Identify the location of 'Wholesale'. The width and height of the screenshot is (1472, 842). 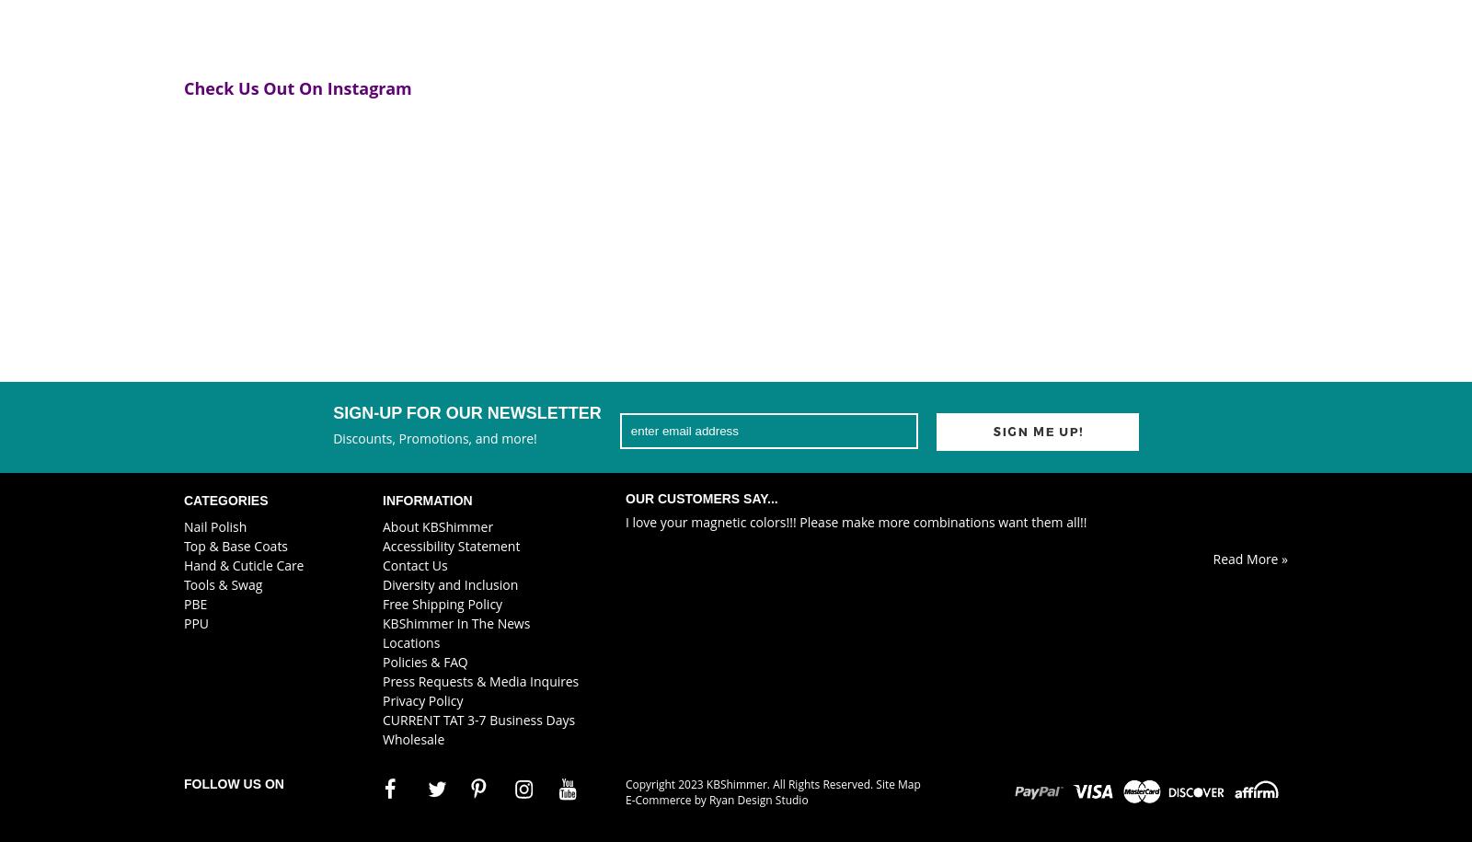
(412, 737).